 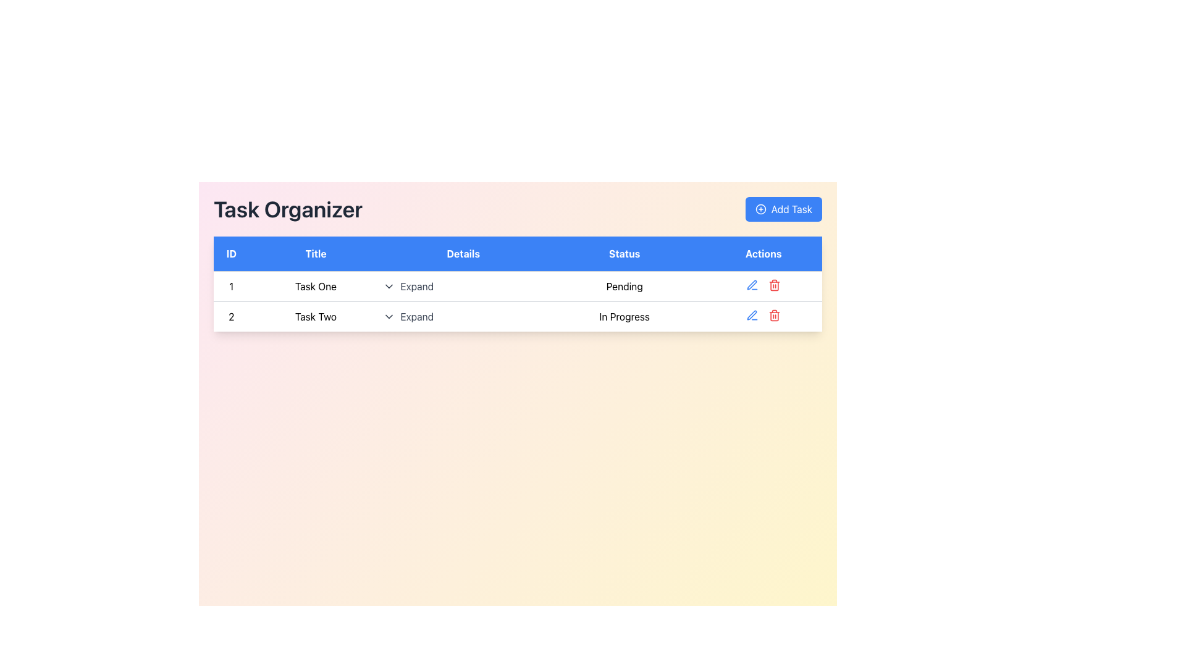 I want to click on identifier number located in the first column of the second row of the task table, positioned below the cell containing '1' and to the left of 'Task Two', so click(x=231, y=316).